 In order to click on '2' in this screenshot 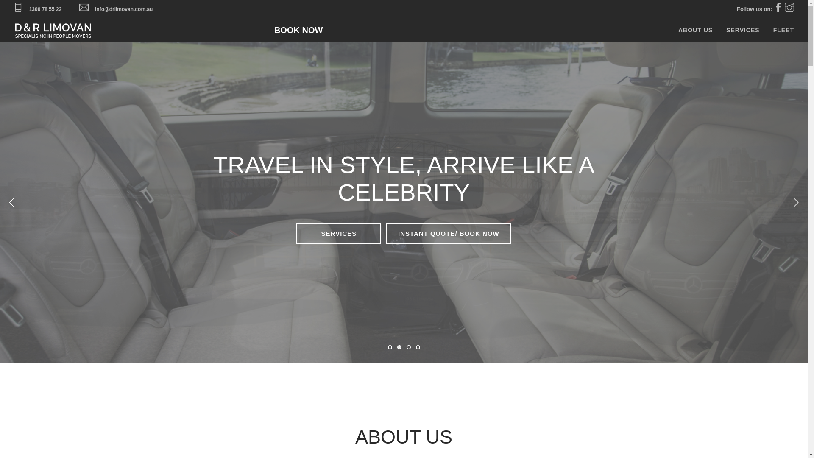, I will do `click(396, 347)`.